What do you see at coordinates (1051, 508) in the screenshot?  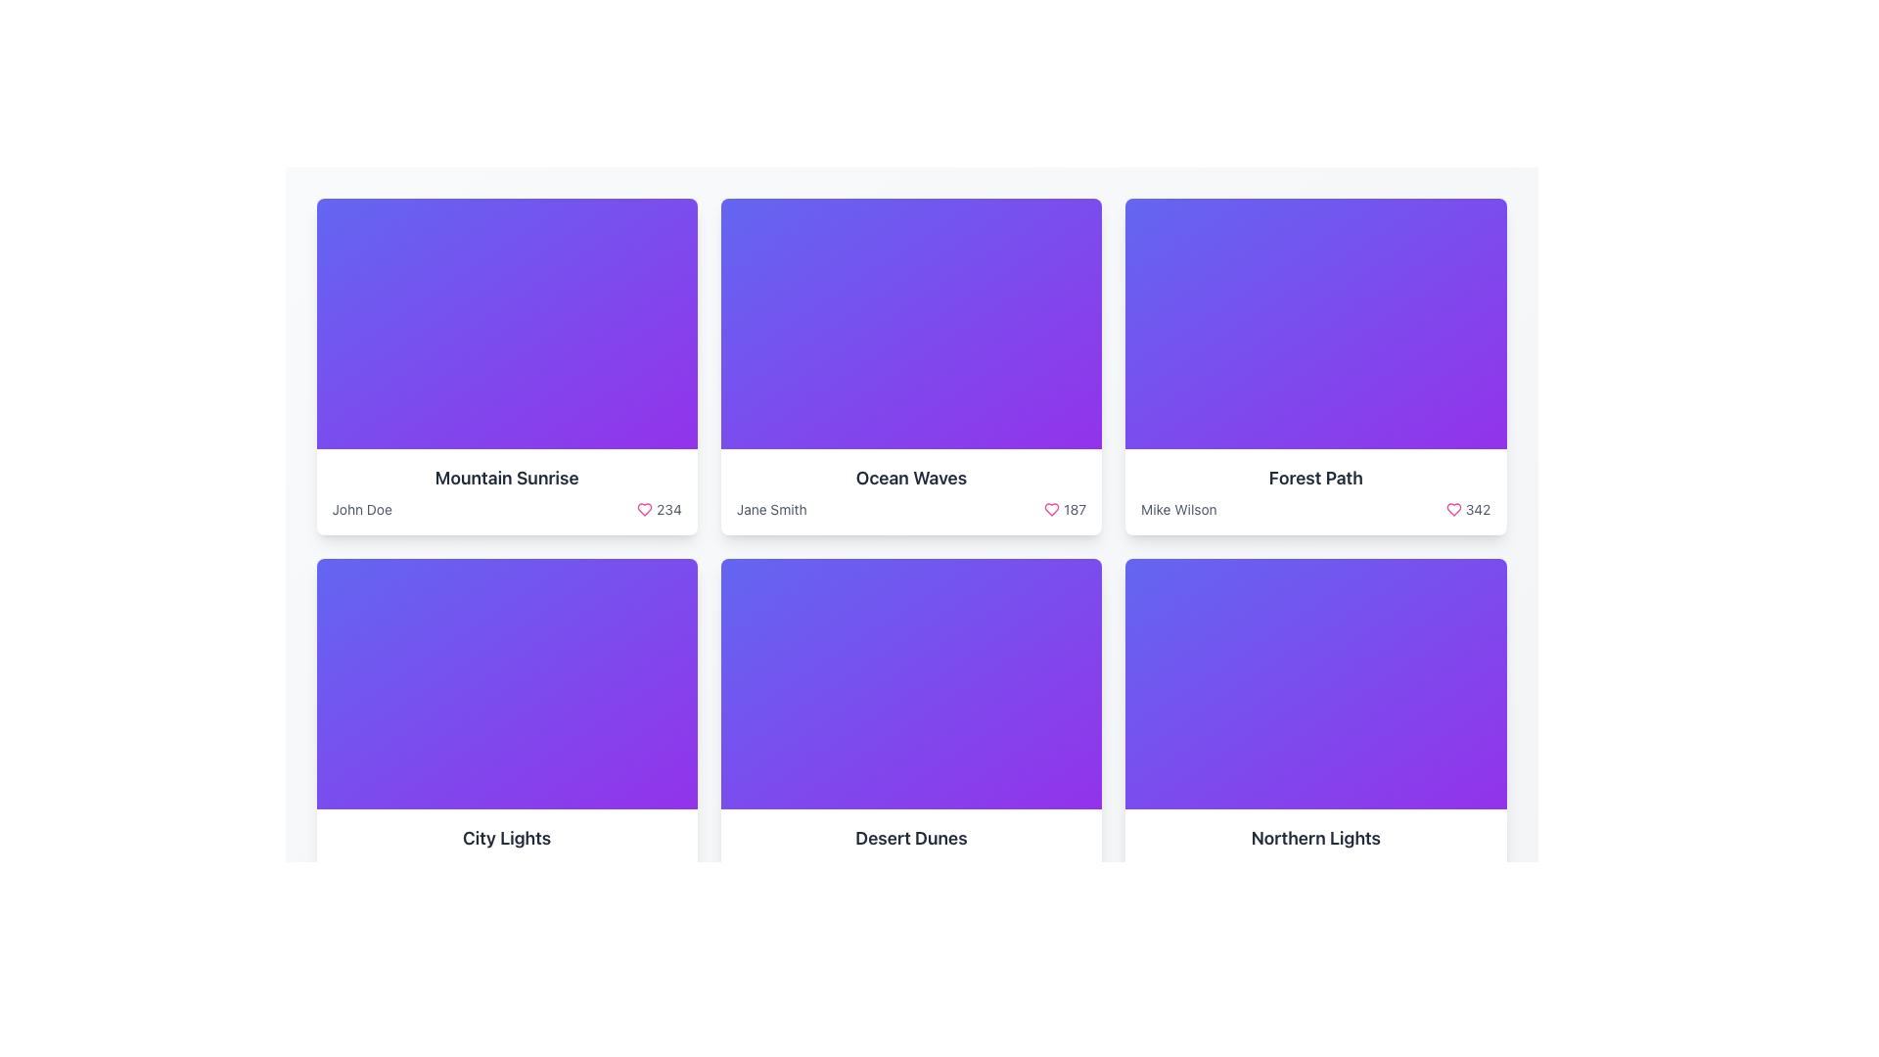 I see `the heart-shaped icon styled in pink located in the bottom-right area of the 'Ocean Waves' card to view its visual state change upon interaction` at bounding box center [1051, 508].